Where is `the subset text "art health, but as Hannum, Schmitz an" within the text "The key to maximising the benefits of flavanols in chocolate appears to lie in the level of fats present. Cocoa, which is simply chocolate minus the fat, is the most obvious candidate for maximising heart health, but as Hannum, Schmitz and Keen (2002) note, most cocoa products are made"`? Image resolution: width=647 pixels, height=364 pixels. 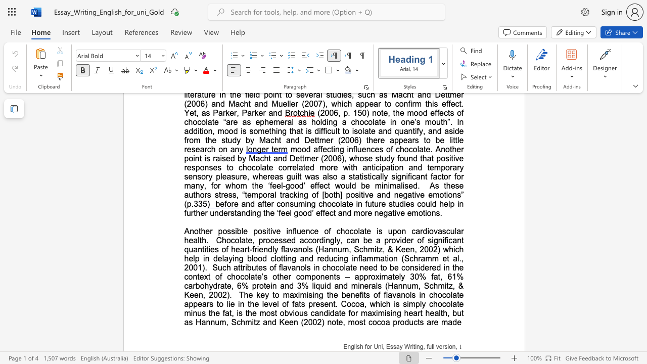
the subset text "art health, but as Hannum, Schmitz an" within the text "The key to maximising the benefits of flavanols in chocolate appears to lie in the level of fats present. Cocoa, which is simply chocolate minus the fat, is the most obvious candidate for maximising heart health, but as Hannum, Schmitz and Keen (2002) note, most cocoa products are made" is located at coordinates (413, 312).